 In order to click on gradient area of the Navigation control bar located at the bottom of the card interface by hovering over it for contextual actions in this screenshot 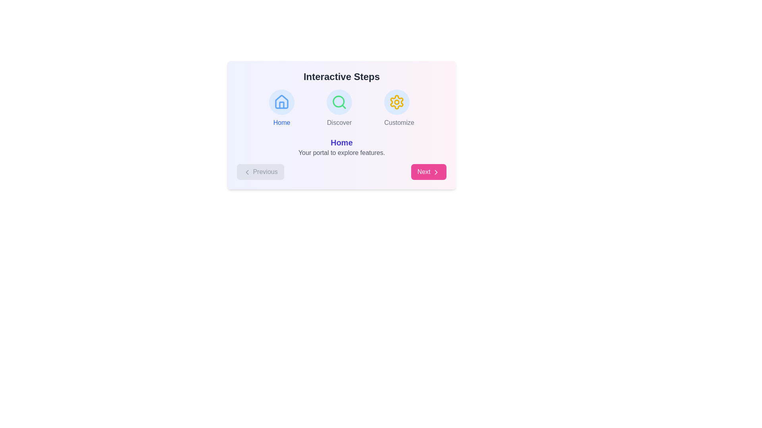, I will do `click(341, 172)`.